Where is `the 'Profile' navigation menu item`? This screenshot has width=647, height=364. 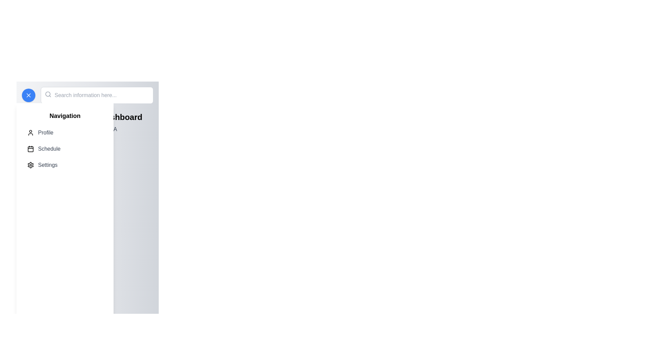 the 'Profile' navigation menu item is located at coordinates (65, 132).